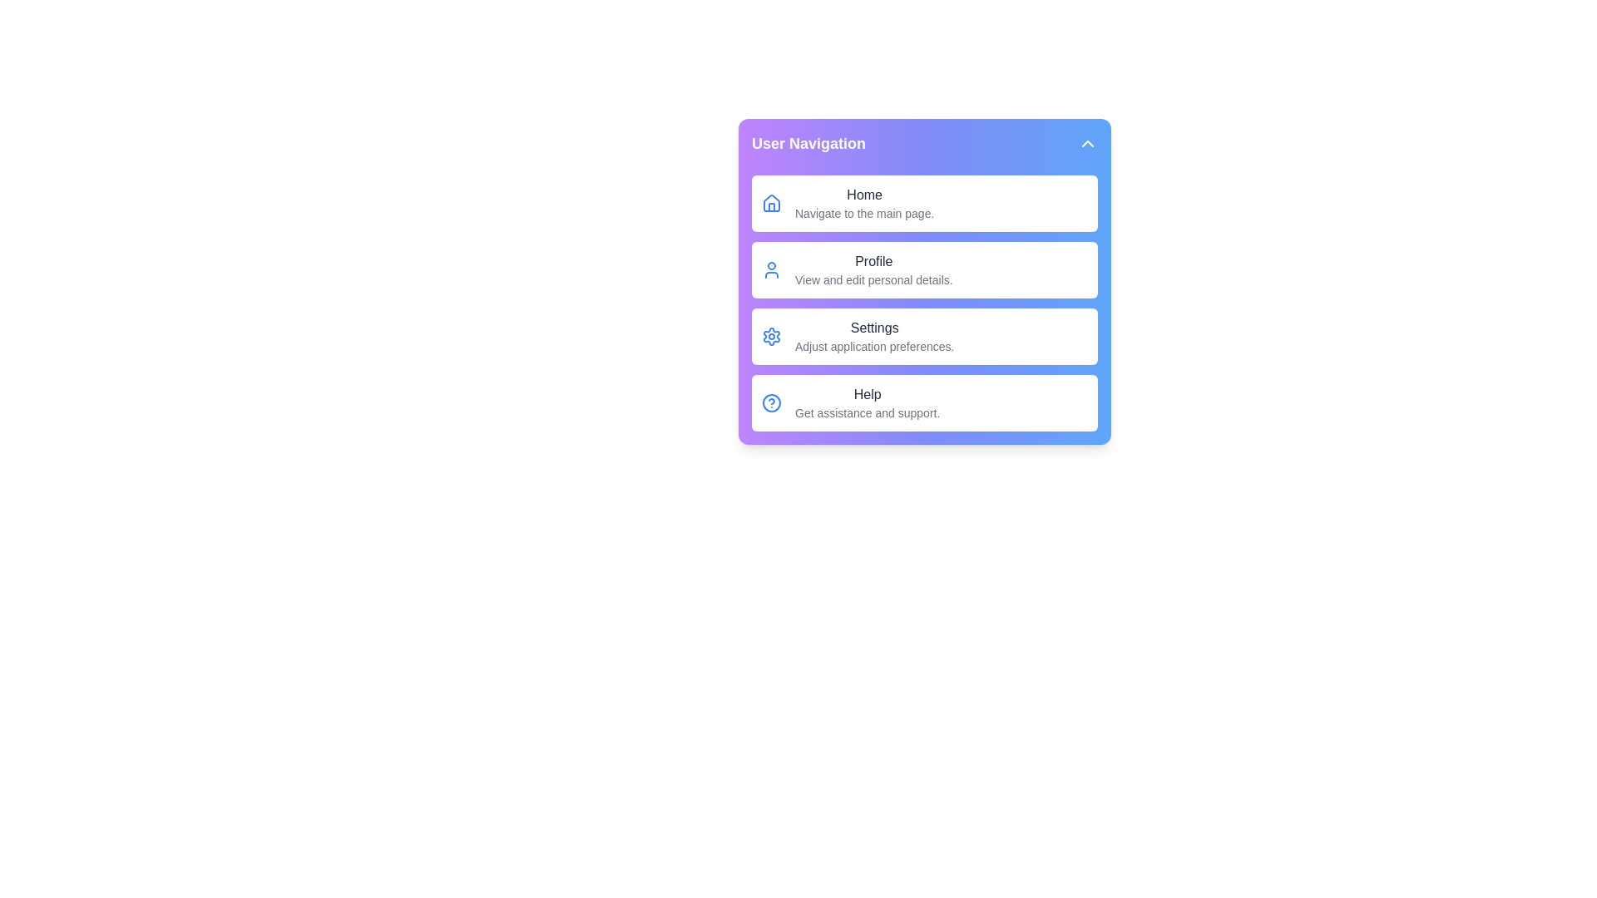  Describe the element at coordinates (770, 203) in the screenshot. I see `the Home icon in the dropdown menu` at that location.